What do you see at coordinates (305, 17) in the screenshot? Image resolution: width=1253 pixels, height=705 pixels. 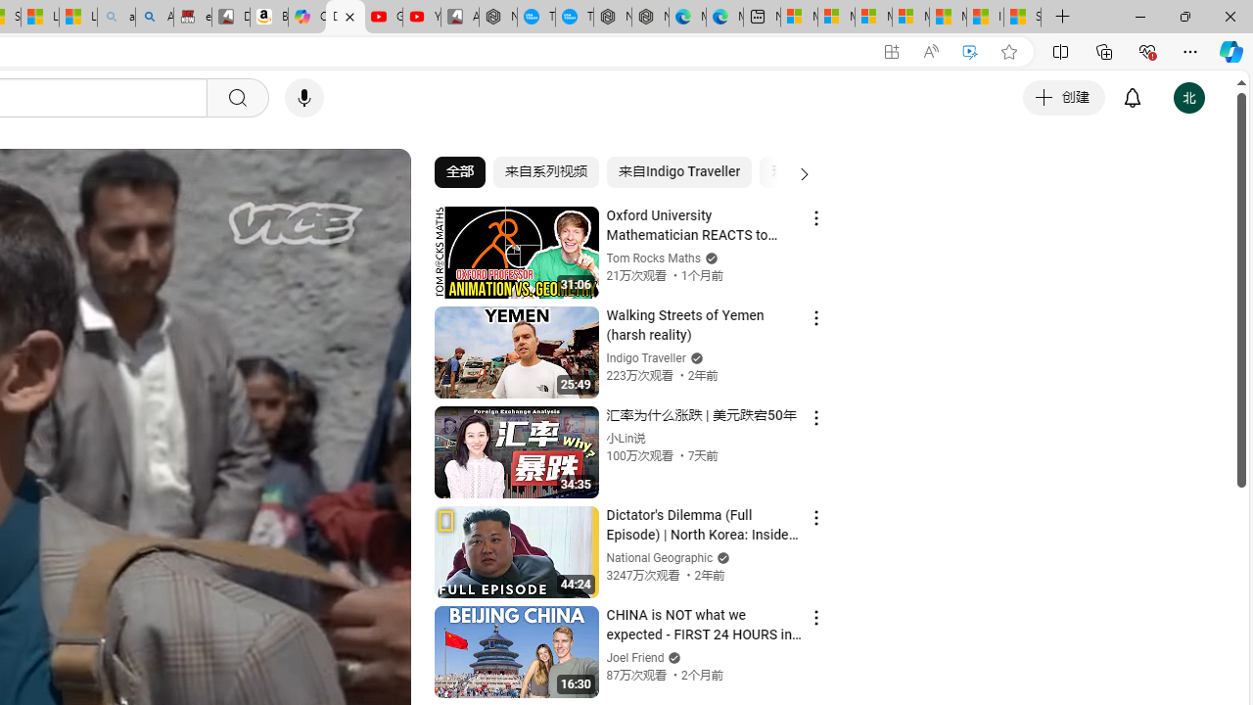 I see `'Copilot'` at bounding box center [305, 17].